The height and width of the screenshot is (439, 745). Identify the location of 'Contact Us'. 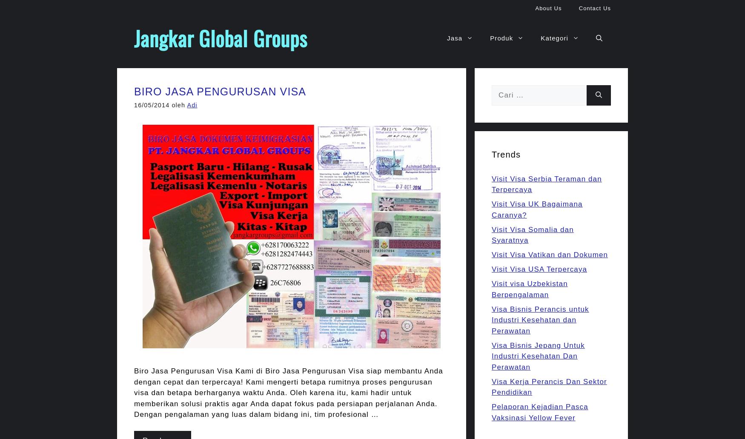
(594, 8).